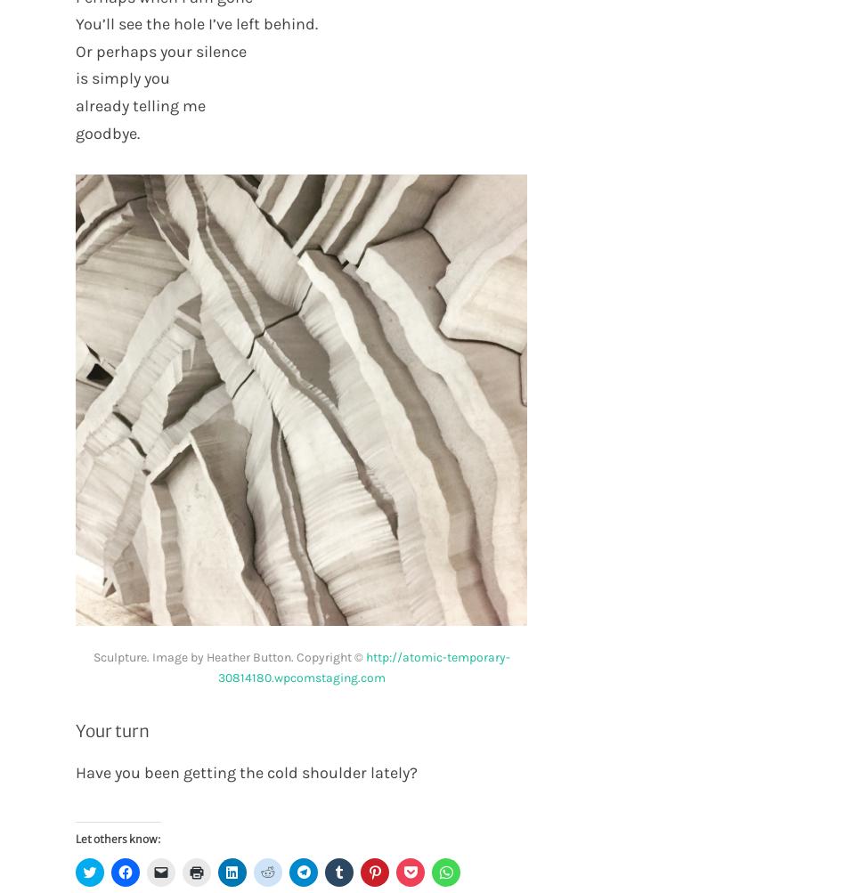 This screenshot has height=893, width=846. What do you see at coordinates (160, 50) in the screenshot?
I see `'Or perhaps your silence'` at bounding box center [160, 50].